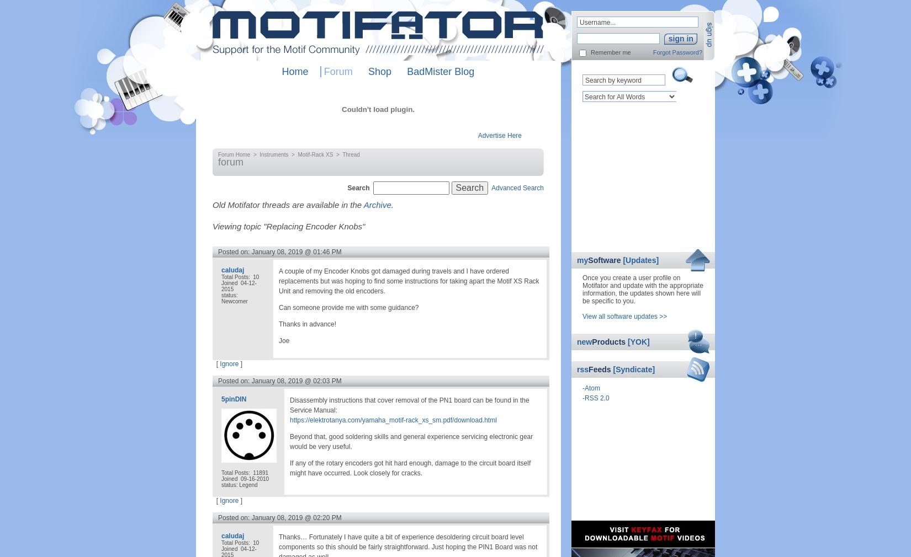 The width and height of the screenshot is (911, 557). I want to click on 'forum', so click(230, 162).